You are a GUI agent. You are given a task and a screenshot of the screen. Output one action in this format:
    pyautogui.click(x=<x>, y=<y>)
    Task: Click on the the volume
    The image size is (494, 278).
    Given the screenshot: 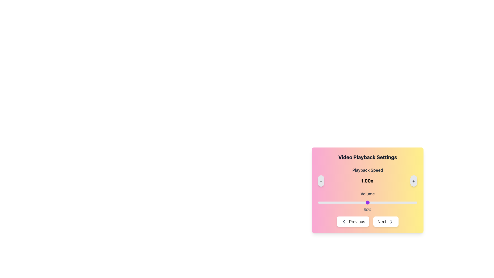 What is the action you would take?
    pyautogui.click(x=389, y=202)
    